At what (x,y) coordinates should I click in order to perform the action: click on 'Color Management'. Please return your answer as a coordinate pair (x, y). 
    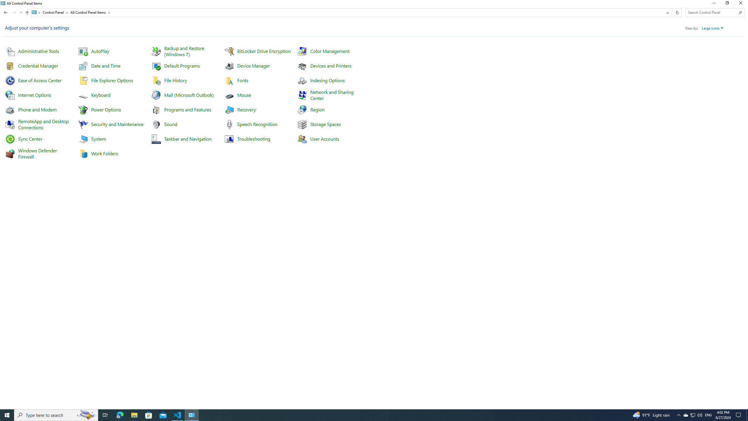
    Looking at the image, I should click on (330, 51).